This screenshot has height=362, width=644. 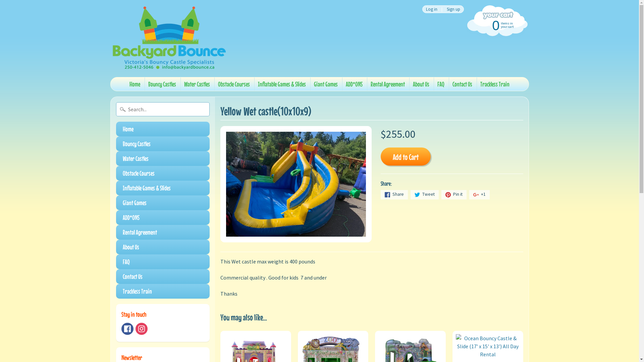 I want to click on 'Giant Games', so click(x=163, y=202).